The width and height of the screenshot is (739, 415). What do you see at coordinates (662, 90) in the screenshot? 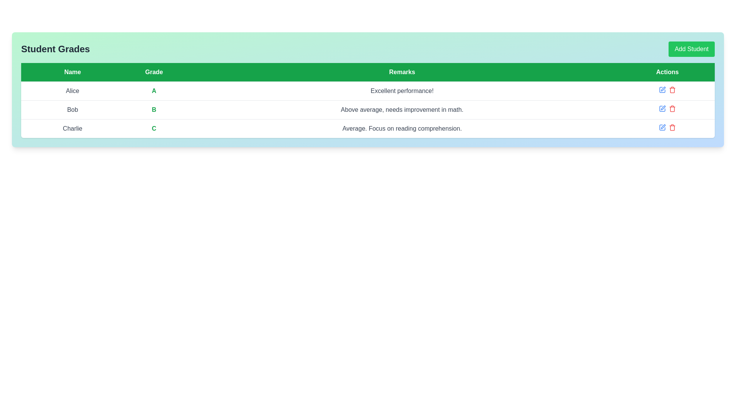
I see `the edit icon in the 'Actions' column of the table to initiate editing for the student Alice's information` at bounding box center [662, 90].